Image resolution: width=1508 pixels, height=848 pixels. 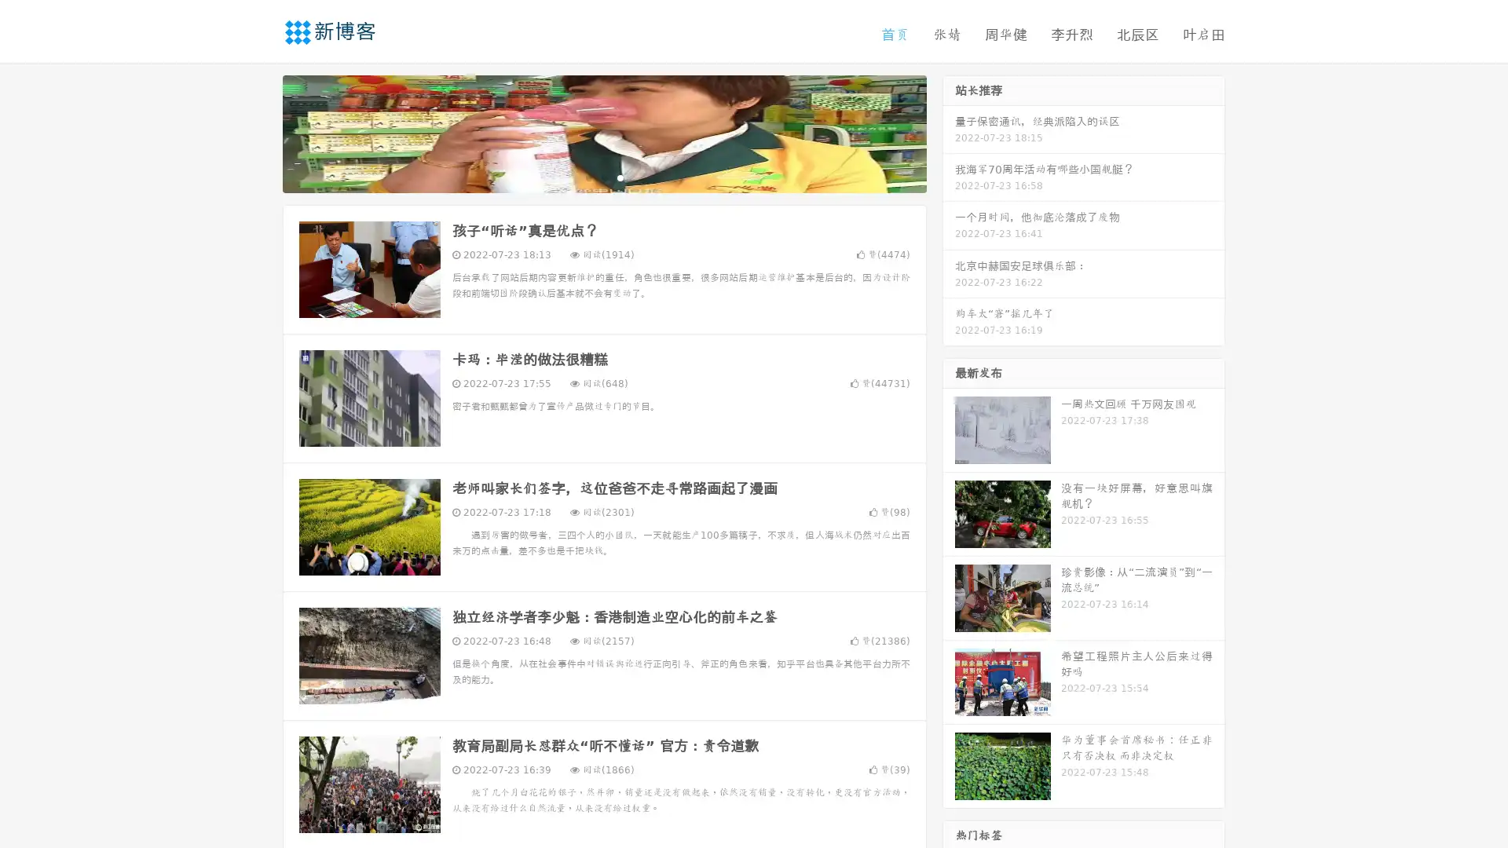 What do you see at coordinates (587, 177) in the screenshot?
I see `Go to slide 1` at bounding box center [587, 177].